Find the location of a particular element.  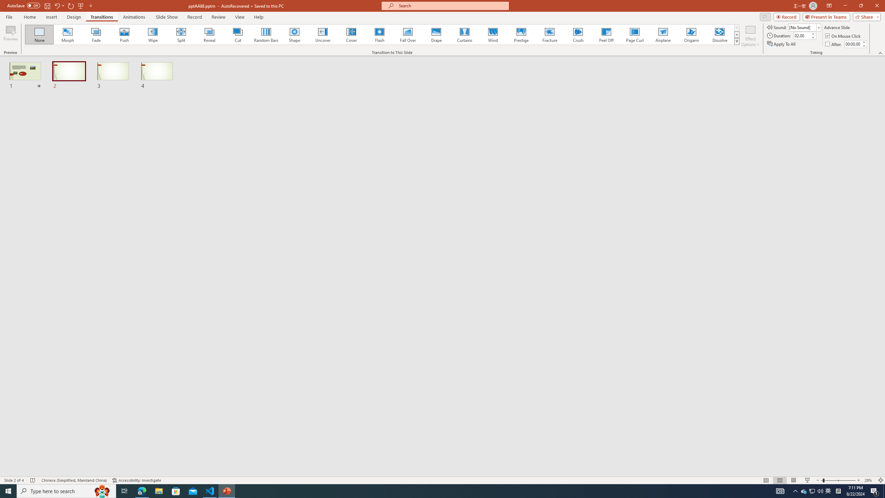

'Fracture' is located at coordinates (549, 34).